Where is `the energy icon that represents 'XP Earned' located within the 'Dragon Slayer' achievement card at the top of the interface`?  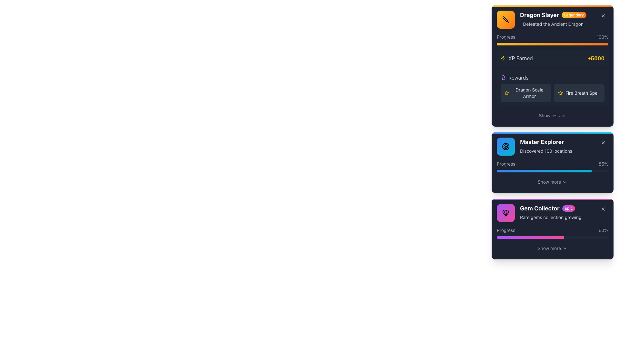 the energy icon that represents 'XP Earned' located within the 'Dragon Slayer' achievement card at the top of the interface is located at coordinates (503, 58).